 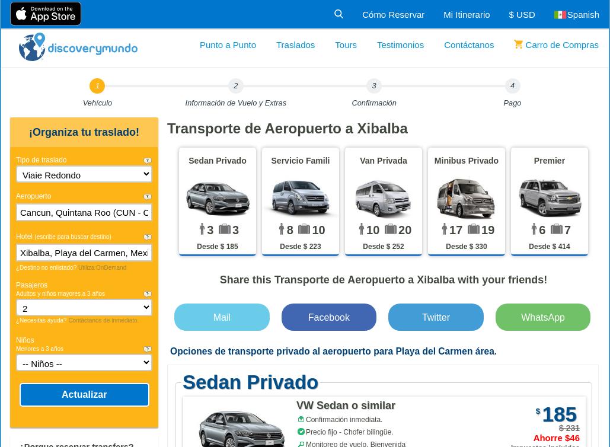 What do you see at coordinates (33, 196) in the screenshot?
I see `'Aeropuerto'` at bounding box center [33, 196].